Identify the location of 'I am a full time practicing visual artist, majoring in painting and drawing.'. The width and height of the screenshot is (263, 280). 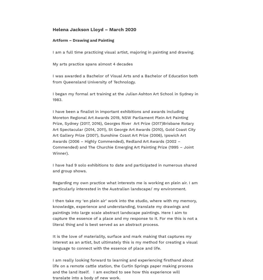
(123, 52).